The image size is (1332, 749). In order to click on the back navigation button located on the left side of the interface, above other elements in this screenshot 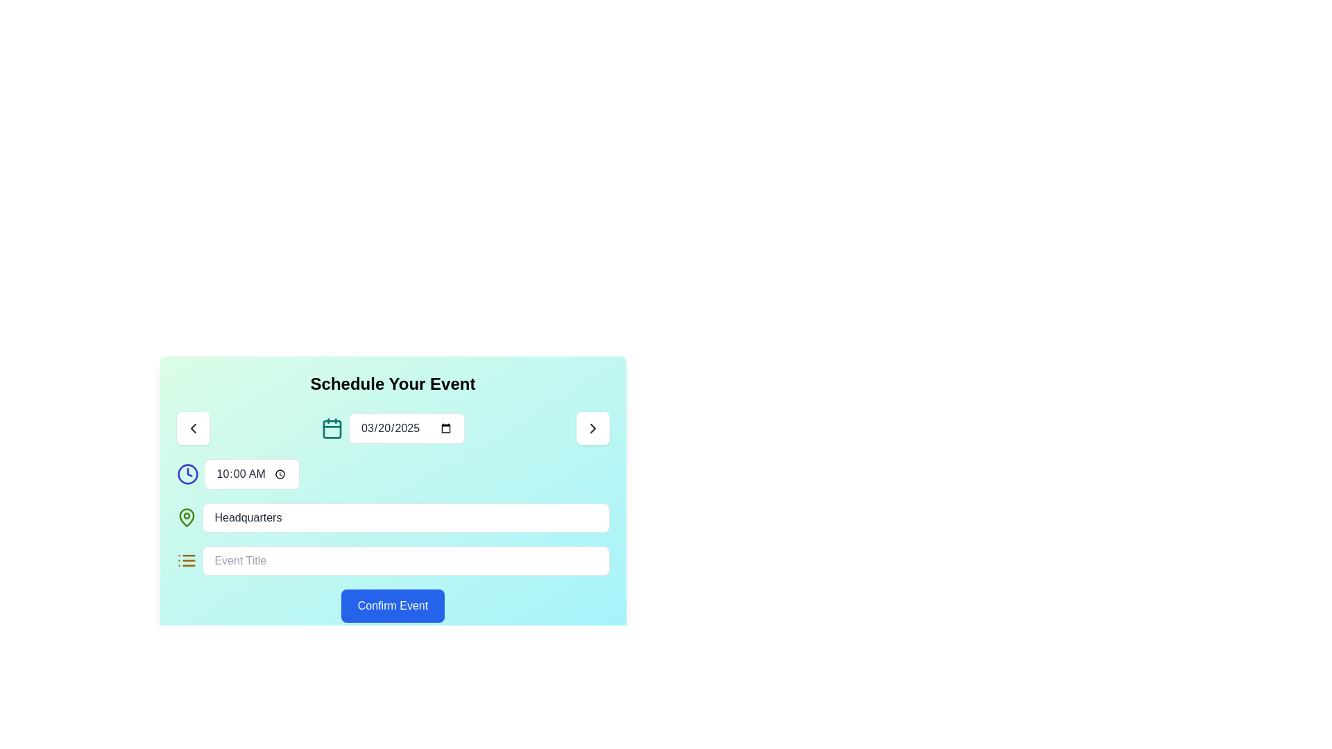, I will do `click(192, 427)`.